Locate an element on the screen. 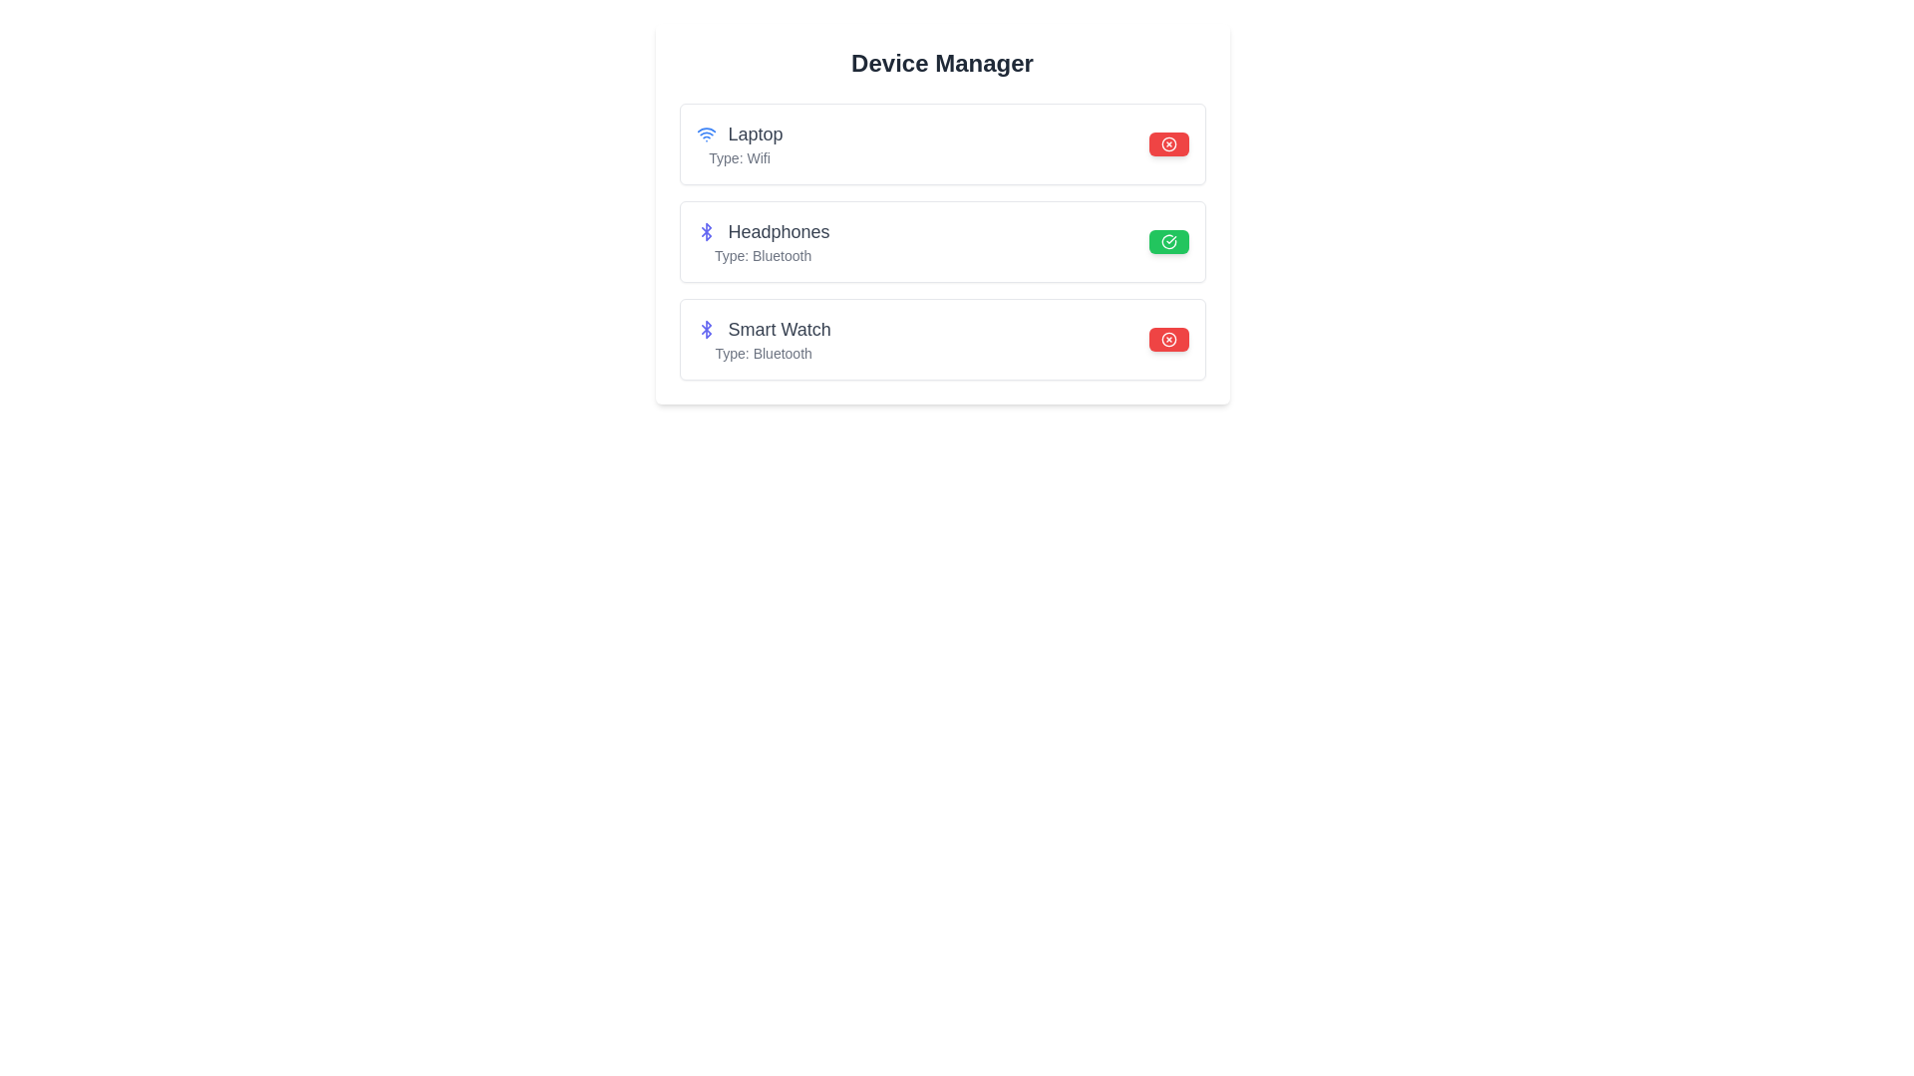 This screenshot has width=1914, height=1076. the text block that provides information about the 'Smart Watch' device, which is the third item listed in the 'Device Manager' section of the card layout is located at coordinates (763, 338).